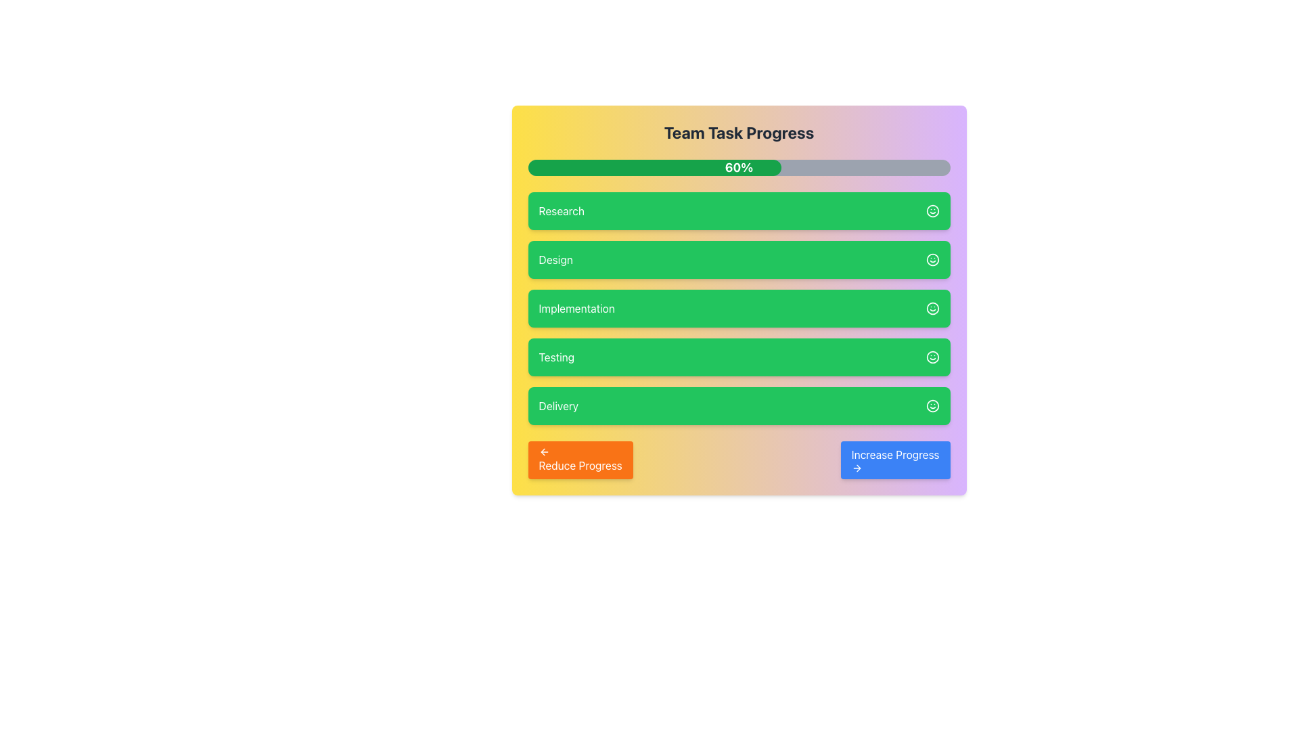 This screenshot has height=731, width=1299. Describe the element at coordinates (738, 167) in the screenshot. I see `the Progress Bar located below the 'Team Task Progress' heading, which visually indicates the progress of tasks and displays percentage completed` at that location.